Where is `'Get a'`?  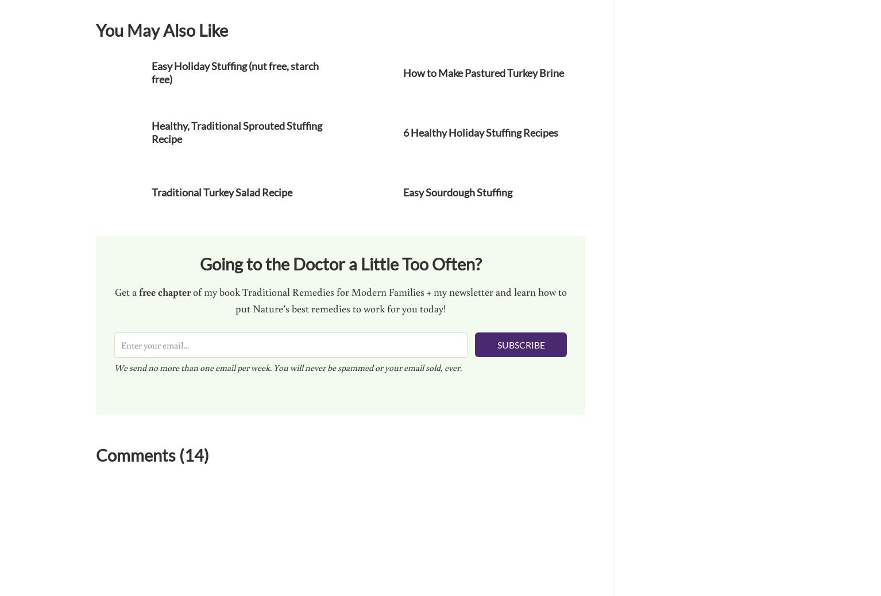
'Get a' is located at coordinates (113, 291).